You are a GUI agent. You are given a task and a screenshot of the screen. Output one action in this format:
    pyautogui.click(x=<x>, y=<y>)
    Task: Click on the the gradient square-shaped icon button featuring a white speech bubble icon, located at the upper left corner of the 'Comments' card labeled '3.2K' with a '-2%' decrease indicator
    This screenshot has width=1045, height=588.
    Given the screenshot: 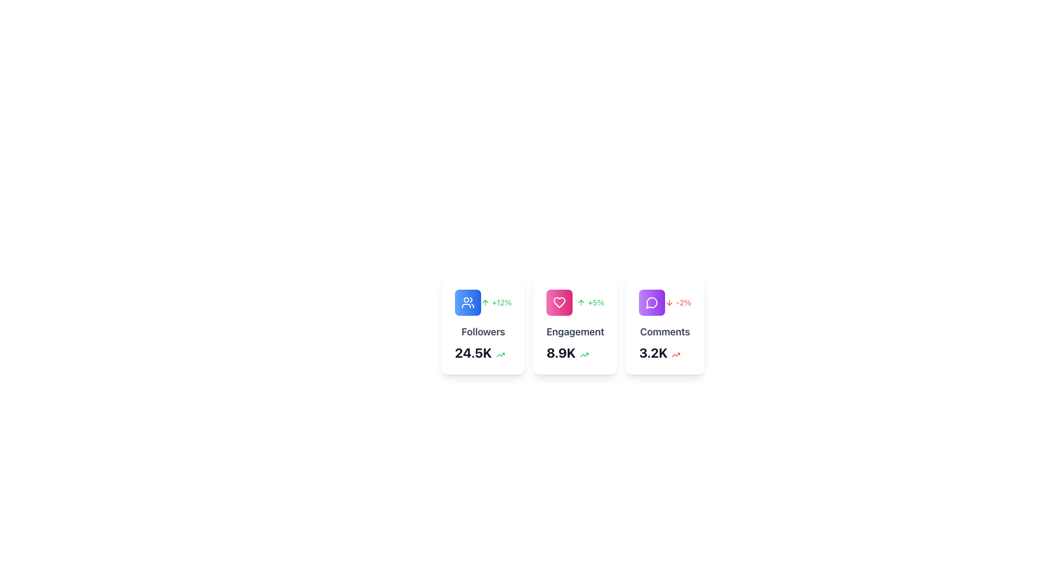 What is the action you would take?
    pyautogui.click(x=652, y=302)
    